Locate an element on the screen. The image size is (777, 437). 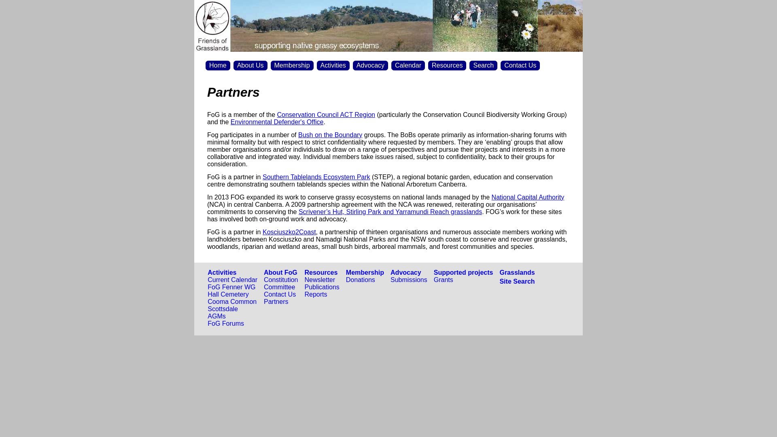
'AGMs' is located at coordinates (216, 316).